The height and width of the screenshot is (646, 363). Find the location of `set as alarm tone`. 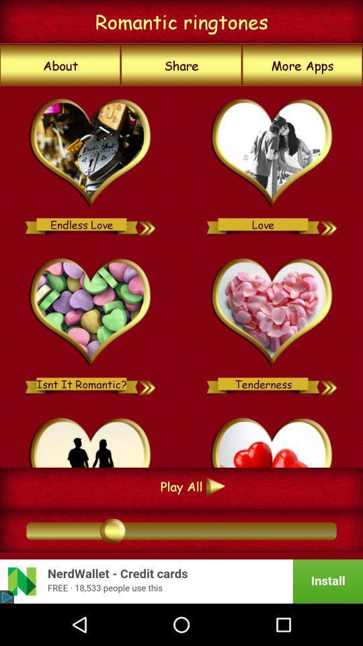

set as alarm tone is located at coordinates (147, 384).